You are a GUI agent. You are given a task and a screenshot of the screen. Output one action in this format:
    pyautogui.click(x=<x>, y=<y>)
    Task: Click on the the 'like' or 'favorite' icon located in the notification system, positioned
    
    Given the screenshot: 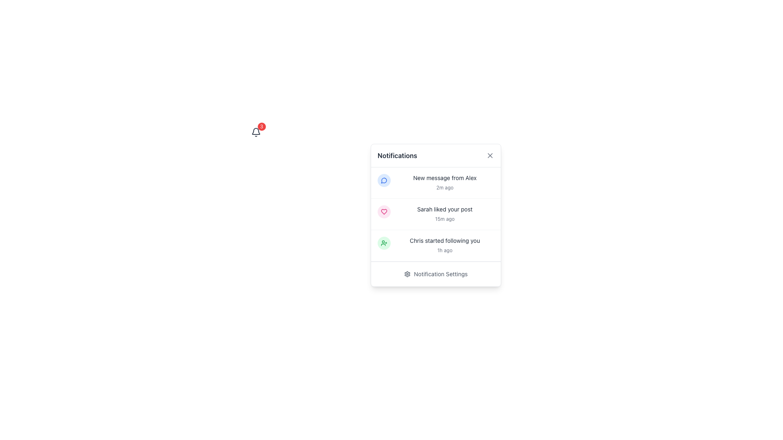 What is the action you would take?
    pyautogui.click(x=383, y=211)
    